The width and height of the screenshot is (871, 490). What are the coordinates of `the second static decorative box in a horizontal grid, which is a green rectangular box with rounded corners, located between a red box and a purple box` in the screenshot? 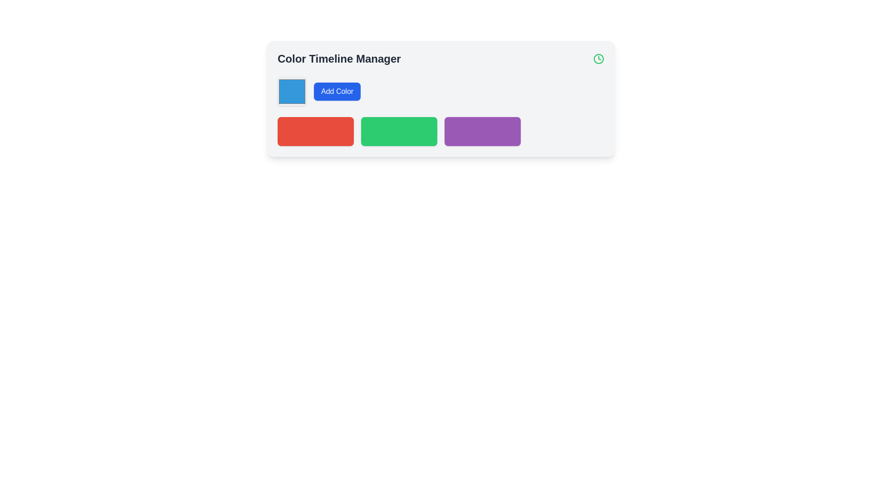 It's located at (399, 131).